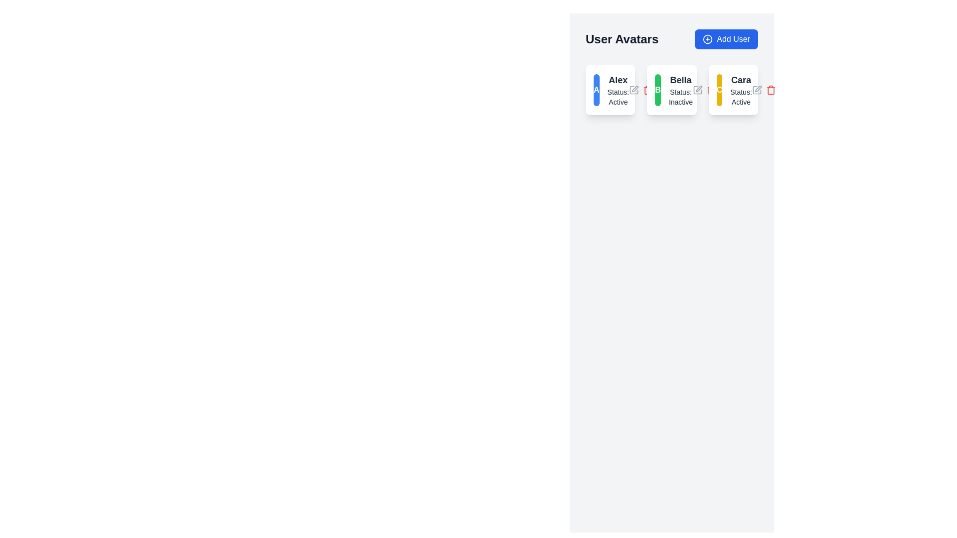 This screenshot has height=538, width=957. Describe the element at coordinates (733, 38) in the screenshot. I see `text label displaying 'Add User' located inside a button in the top-right corner of the user interface, adjacent to a plus sign icon` at that location.